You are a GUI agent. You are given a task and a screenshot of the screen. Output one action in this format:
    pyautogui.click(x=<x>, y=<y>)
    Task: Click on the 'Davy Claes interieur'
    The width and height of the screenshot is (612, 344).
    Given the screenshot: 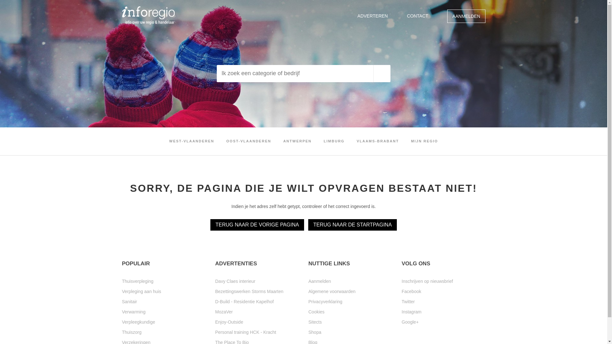 What is the action you would take?
    pyautogui.click(x=257, y=281)
    